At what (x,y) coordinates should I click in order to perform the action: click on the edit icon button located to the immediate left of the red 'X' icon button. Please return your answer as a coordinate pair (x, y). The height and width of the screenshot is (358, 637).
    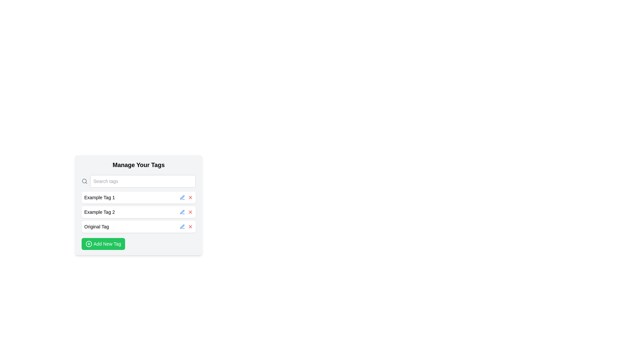
    Looking at the image, I should click on (182, 226).